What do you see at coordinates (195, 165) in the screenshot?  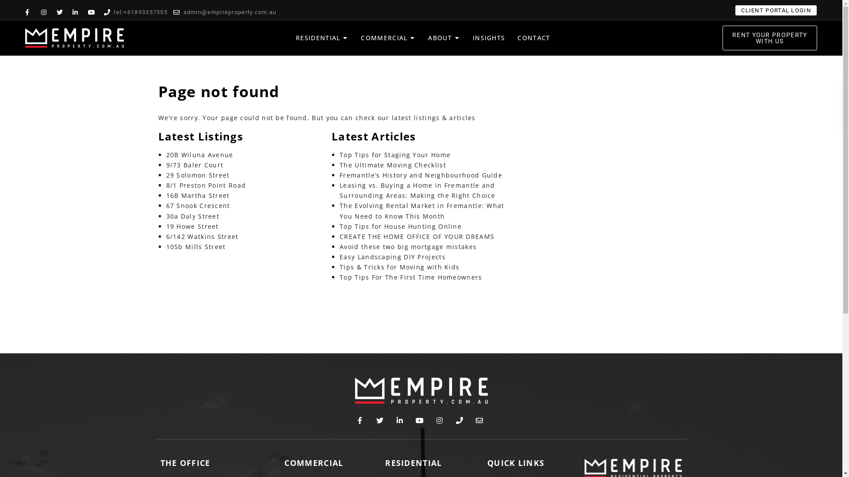 I see `'9/73 Baler Court'` at bounding box center [195, 165].